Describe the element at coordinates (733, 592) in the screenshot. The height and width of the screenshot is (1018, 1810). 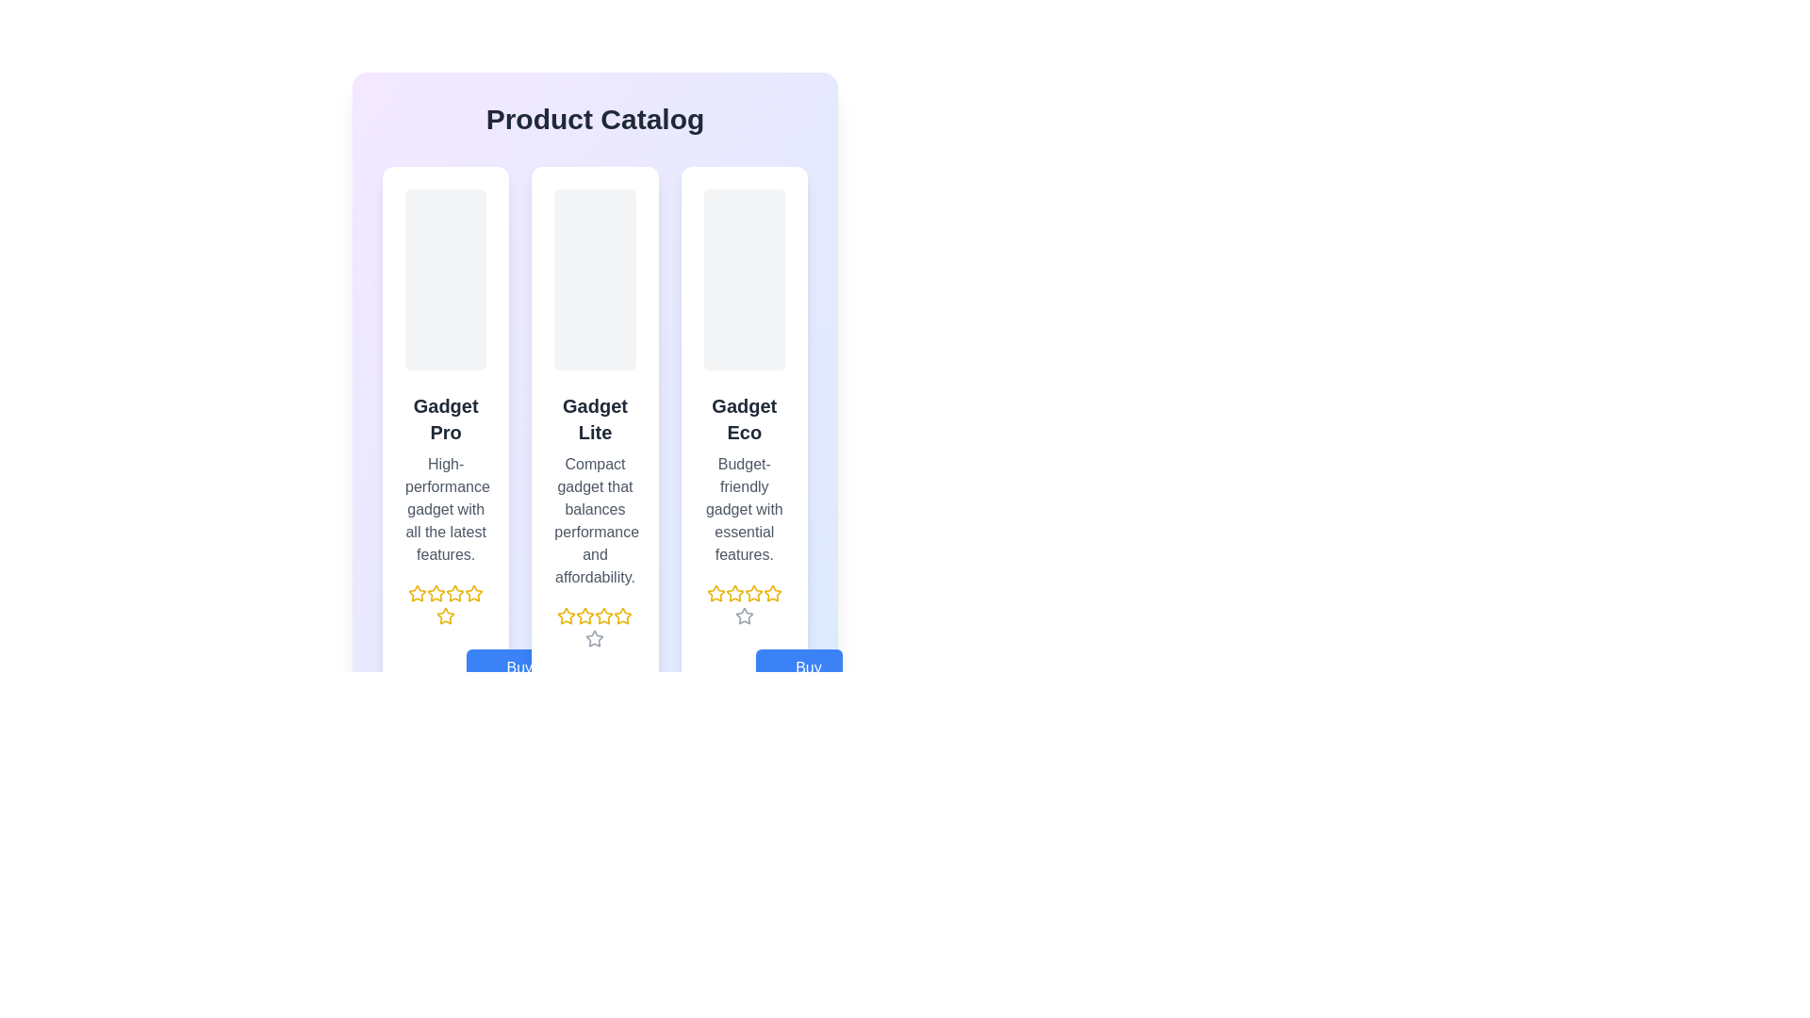
I see `the third star icon in the rating system below the 'Gadget Eco' product description to rate it` at that location.